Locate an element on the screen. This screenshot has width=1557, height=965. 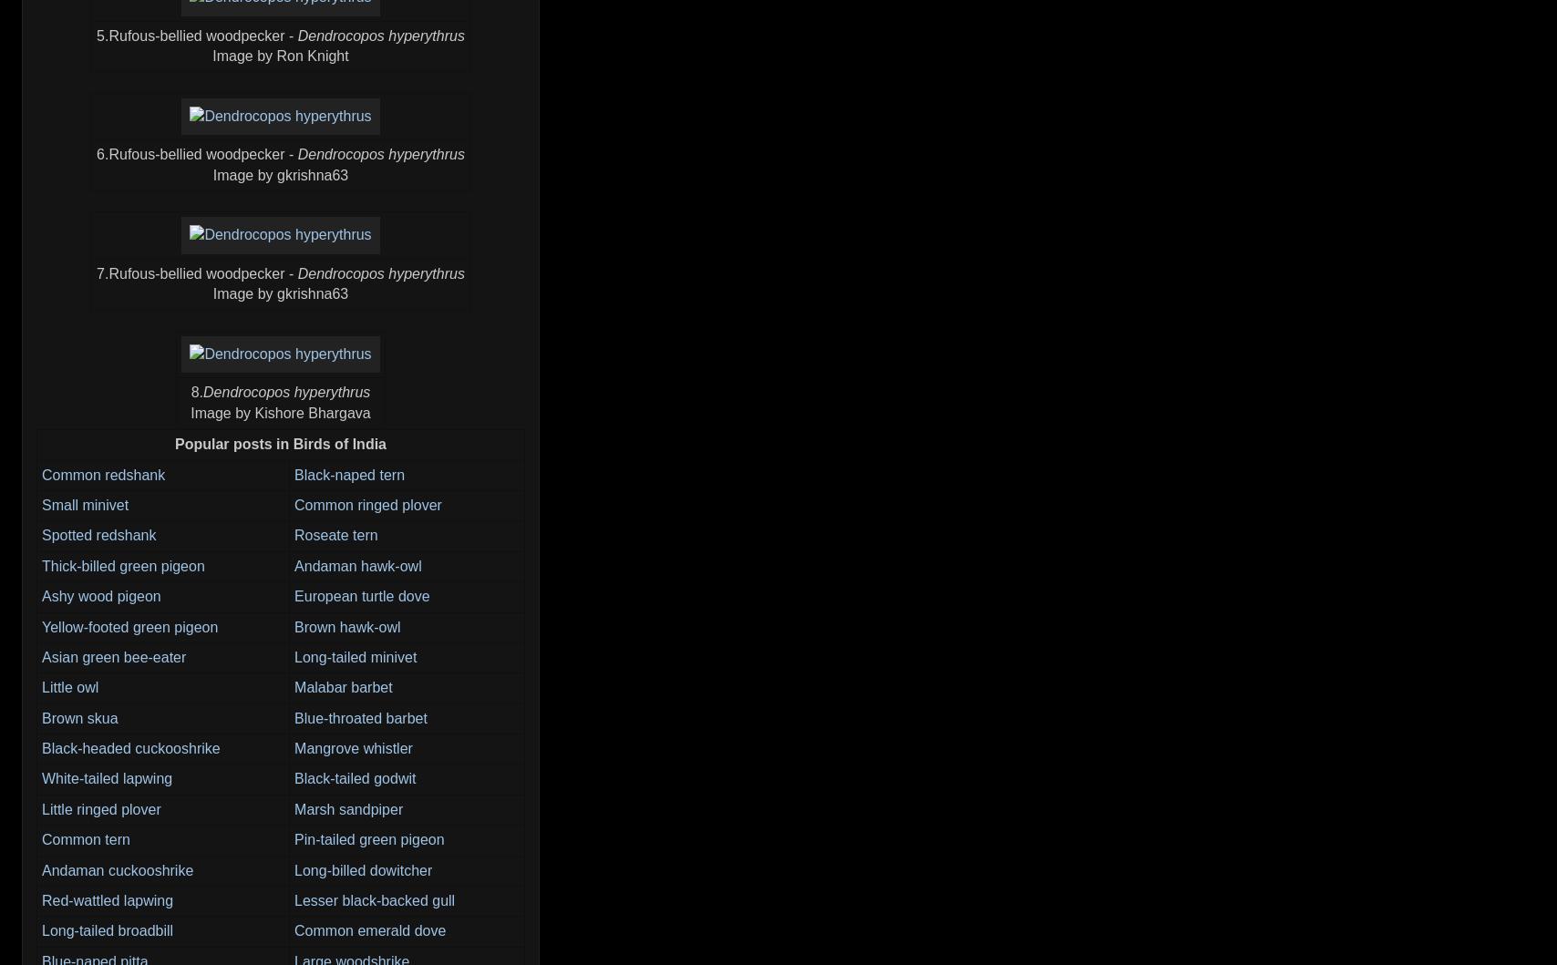
'Ashy wood pigeon' is located at coordinates (101, 596).